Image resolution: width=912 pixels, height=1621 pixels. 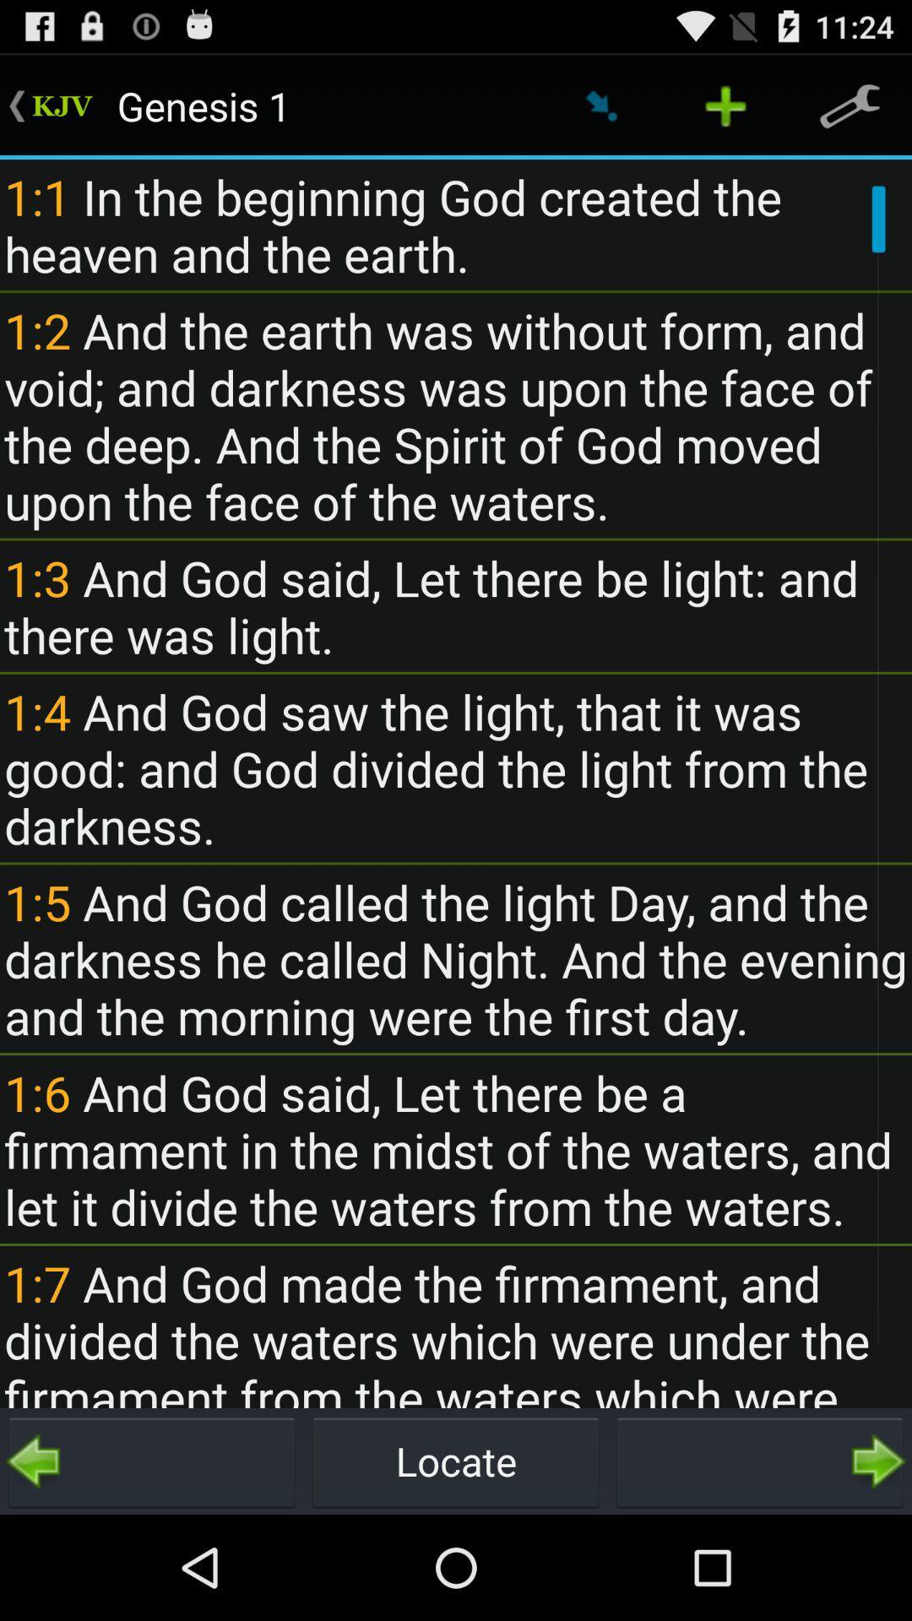 I want to click on proceed to next, so click(x=758, y=1461).